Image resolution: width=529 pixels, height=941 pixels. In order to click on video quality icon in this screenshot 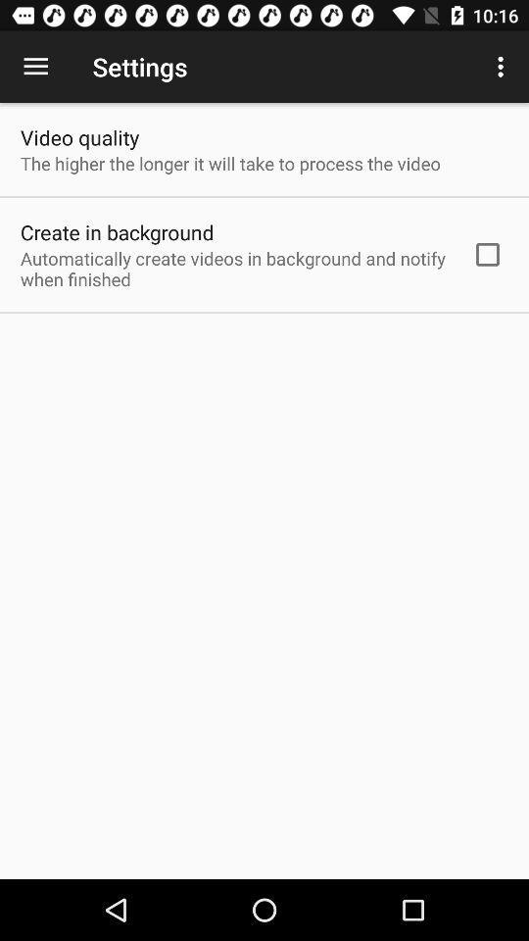, I will do `click(78, 136)`.